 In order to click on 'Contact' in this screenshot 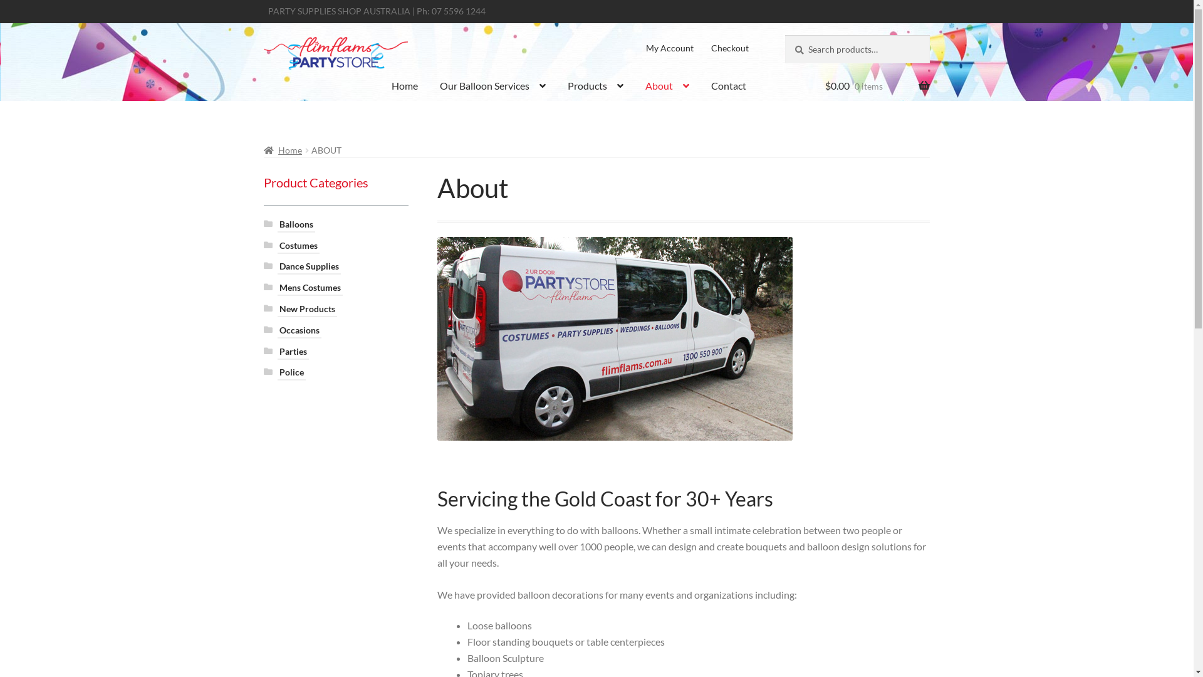, I will do `click(728, 88)`.